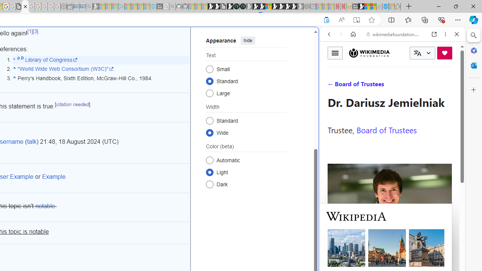  Describe the element at coordinates (209, 69) in the screenshot. I see `'Small'` at that location.